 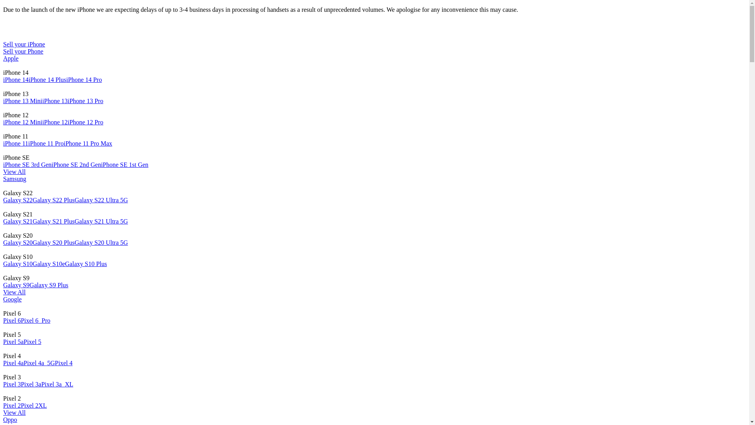 What do you see at coordinates (45, 143) in the screenshot?
I see `'iPhone 11 Pro'` at bounding box center [45, 143].